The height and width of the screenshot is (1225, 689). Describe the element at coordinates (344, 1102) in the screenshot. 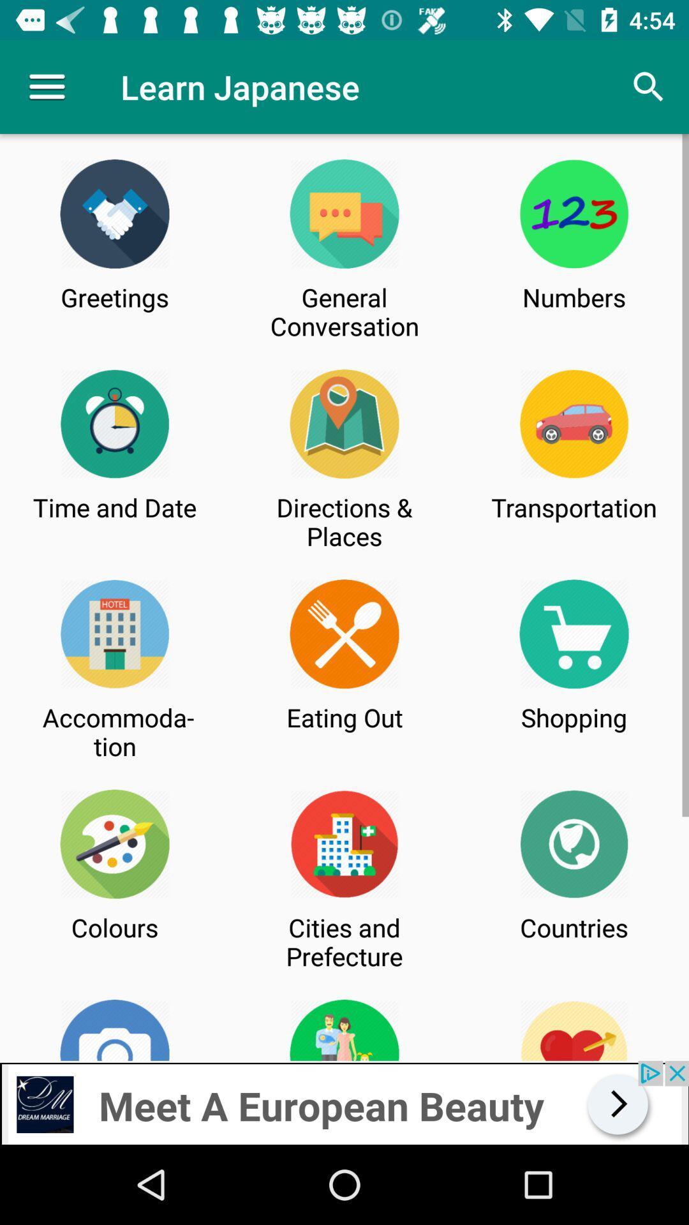

I see `meet a european beauty` at that location.